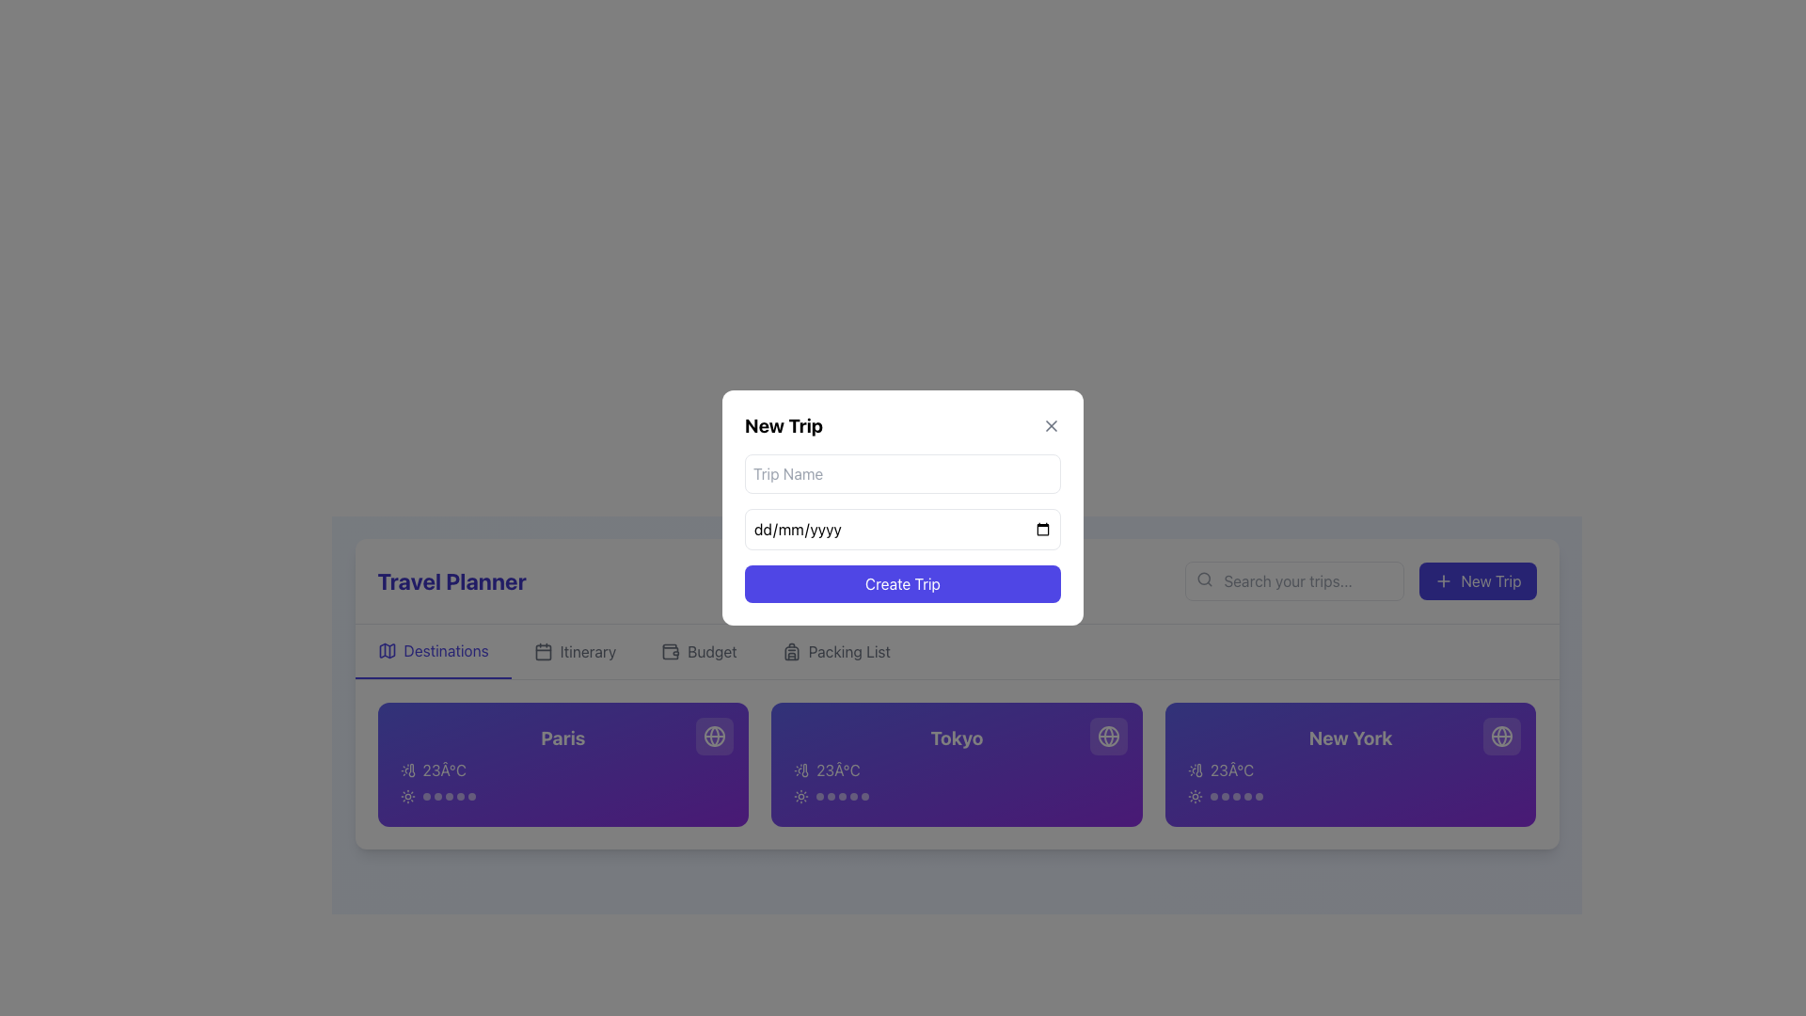 The image size is (1806, 1016). Describe the element at coordinates (1051, 425) in the screenshot. I see `the close button icon shaped like an 'X' located in the top-right corner of the 'New Trip' popup window` at that location.